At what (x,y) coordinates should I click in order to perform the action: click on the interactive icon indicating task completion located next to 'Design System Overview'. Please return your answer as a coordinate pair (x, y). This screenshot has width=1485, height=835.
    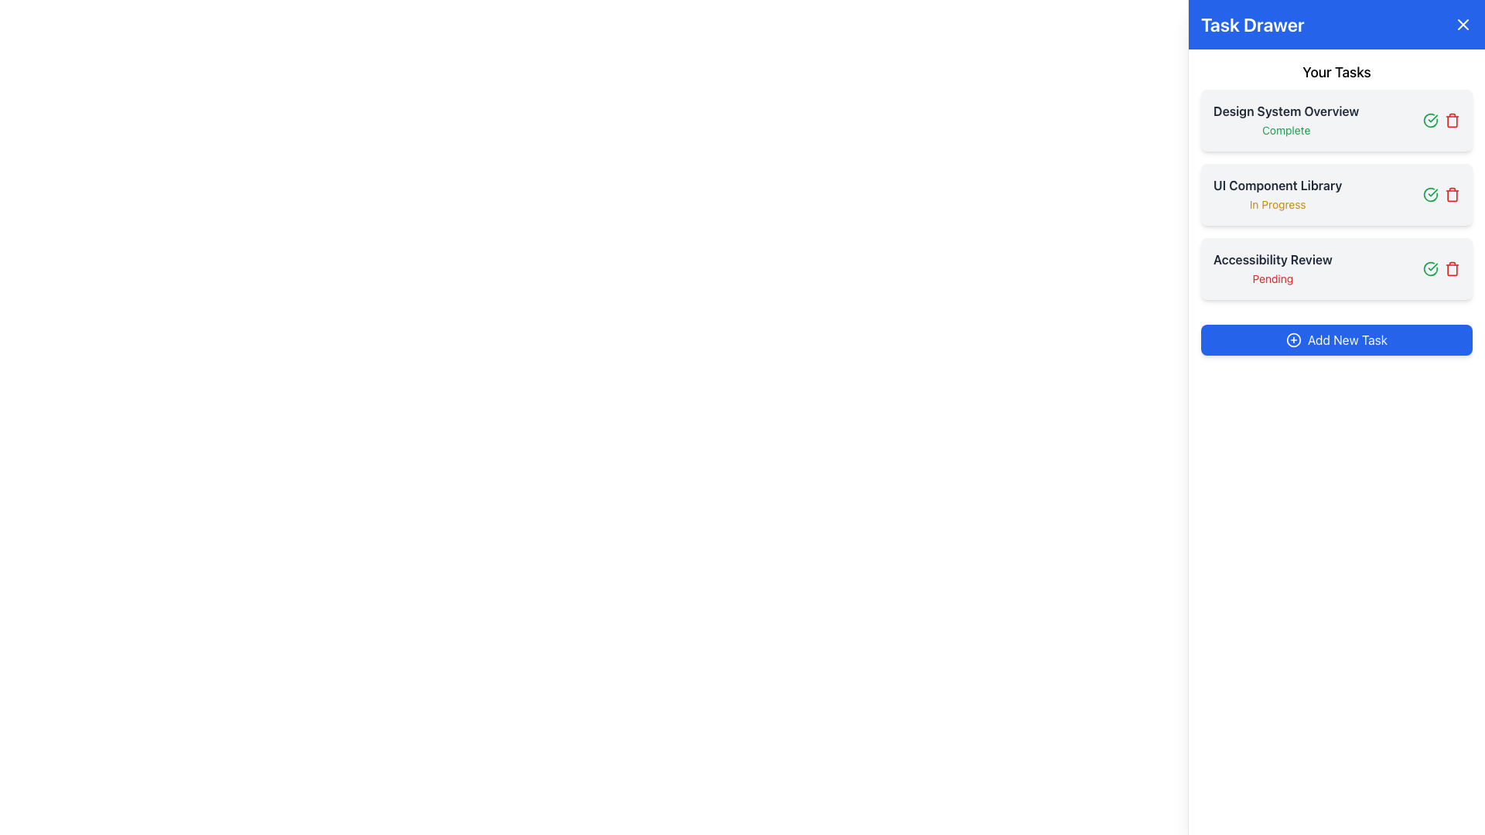
    Looking at the image, I should click on (1429, 193).